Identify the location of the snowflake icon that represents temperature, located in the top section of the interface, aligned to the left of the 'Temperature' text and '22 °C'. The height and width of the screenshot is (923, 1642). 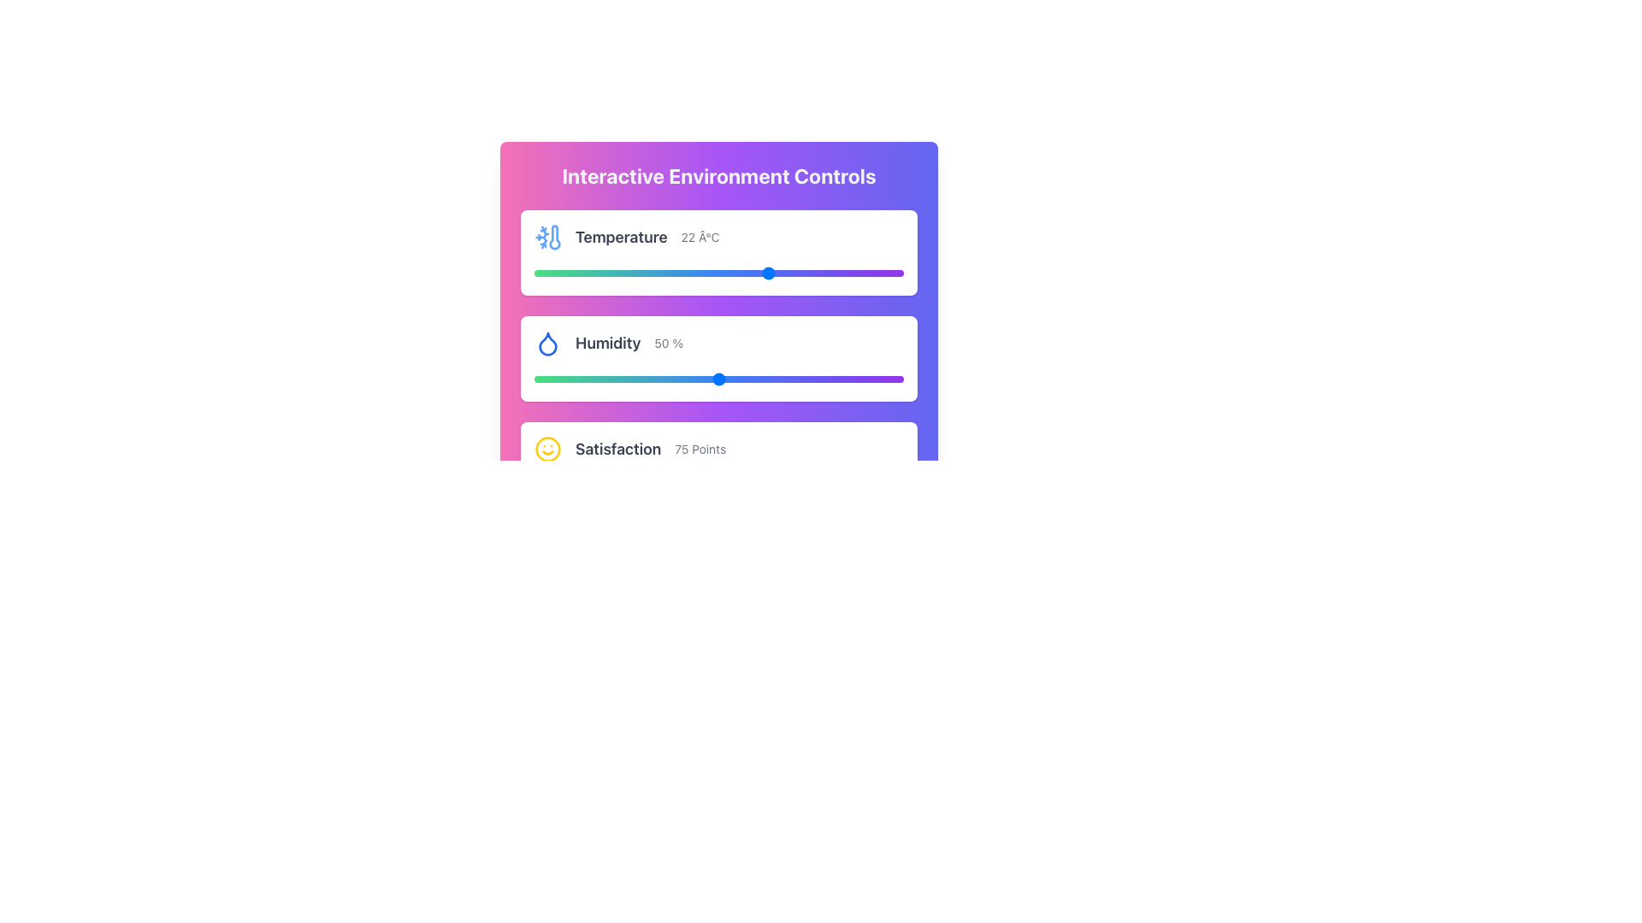
(548, 237).